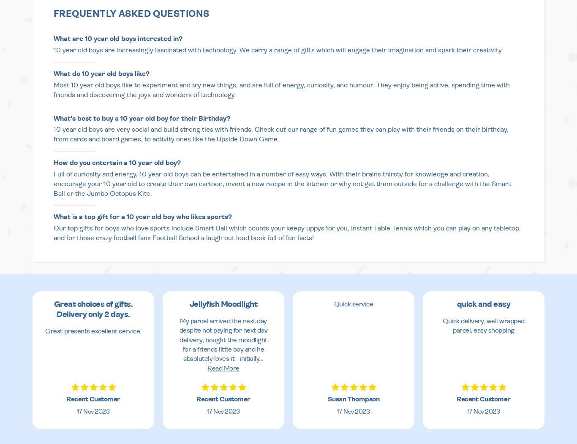 This screenshot has width=577, height=444. Describe the element at coordinates (53, 162) in the screenshot. I see `'How do you entertain a 10 year old boy?'` at that location.